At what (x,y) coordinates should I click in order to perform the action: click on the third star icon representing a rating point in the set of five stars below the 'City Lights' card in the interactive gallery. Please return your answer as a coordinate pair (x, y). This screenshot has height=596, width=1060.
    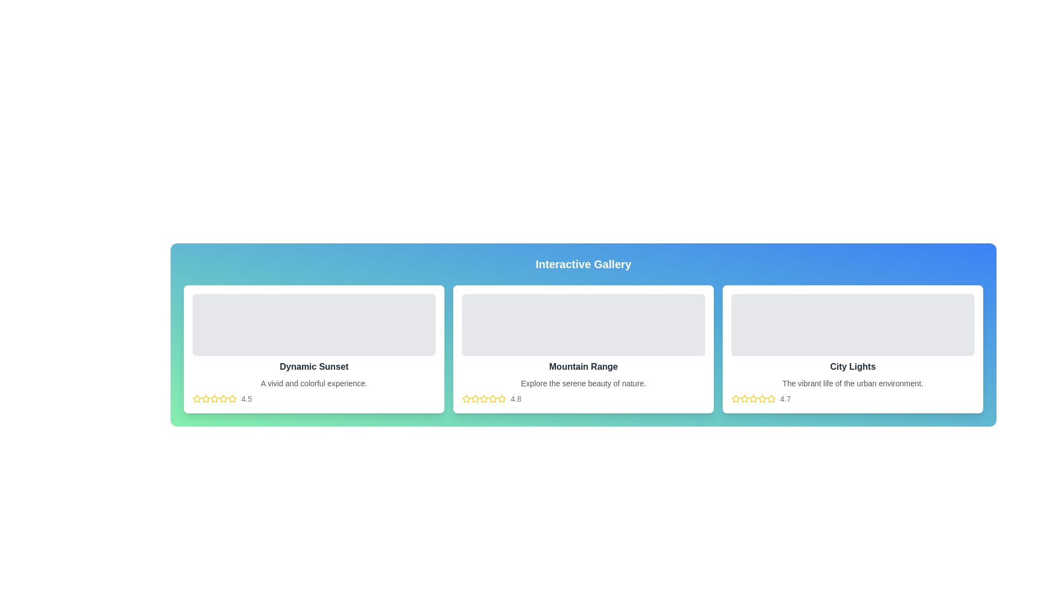
    Looking at the image, I should click on (744, 398).